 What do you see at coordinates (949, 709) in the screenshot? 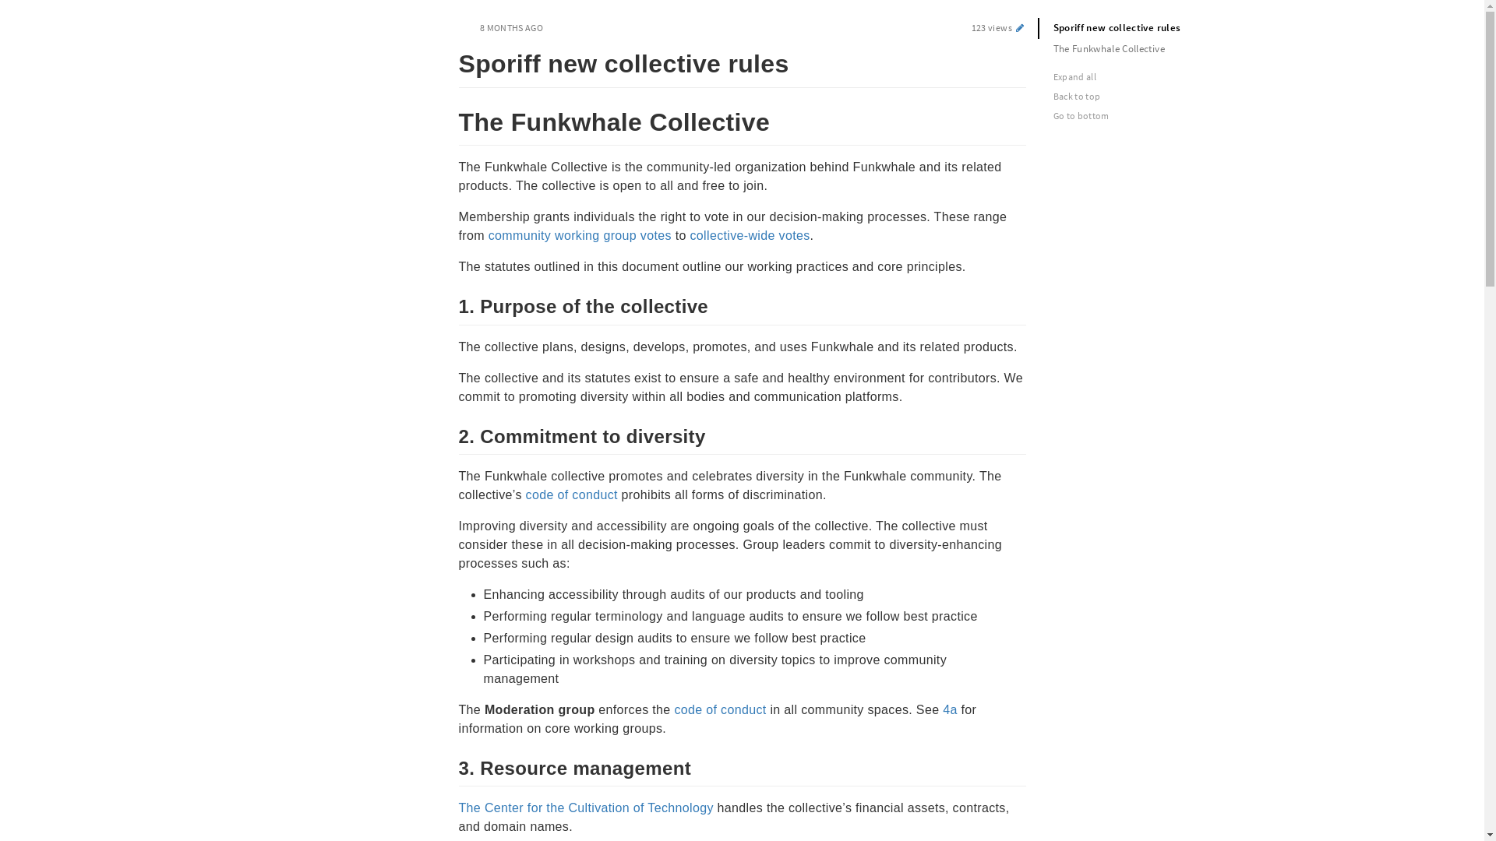
I see `'4a'` at bounding box center [949, 709].